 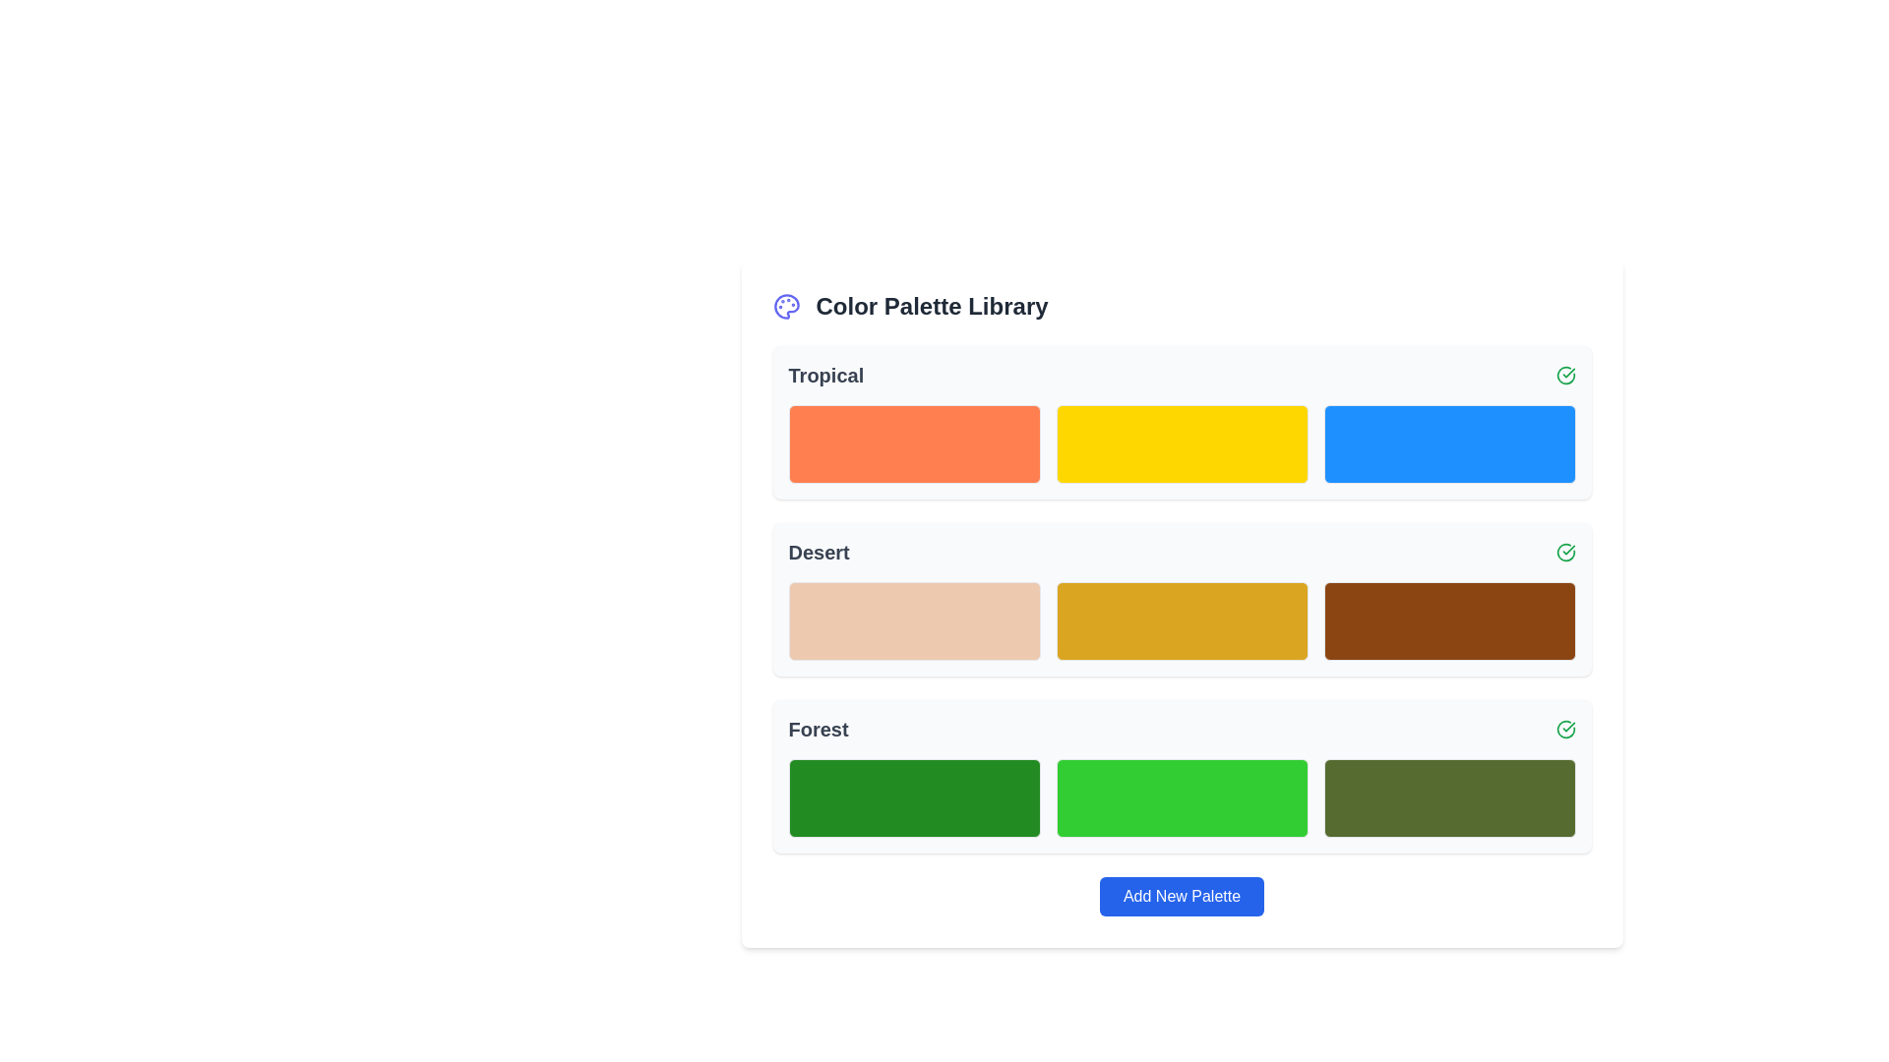 What do you see at coordinates (785, 307) in the screenshot?
I see `the color palette icon located near the top-left corner of the interface, positioned directly before the text 'Color Palette Library'` at bounding box center [785, 307].